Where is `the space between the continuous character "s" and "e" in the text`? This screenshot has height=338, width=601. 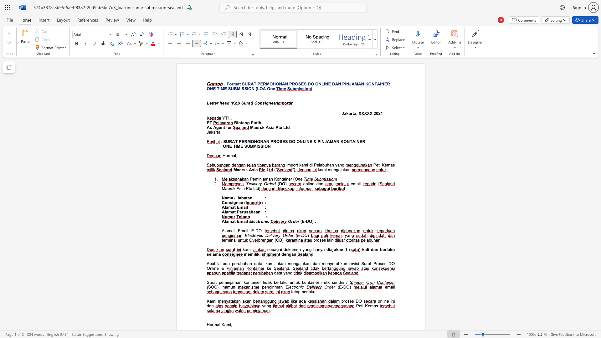
the space between the continuous character "s" and "e" in the text is located at coordinates (349, 301).